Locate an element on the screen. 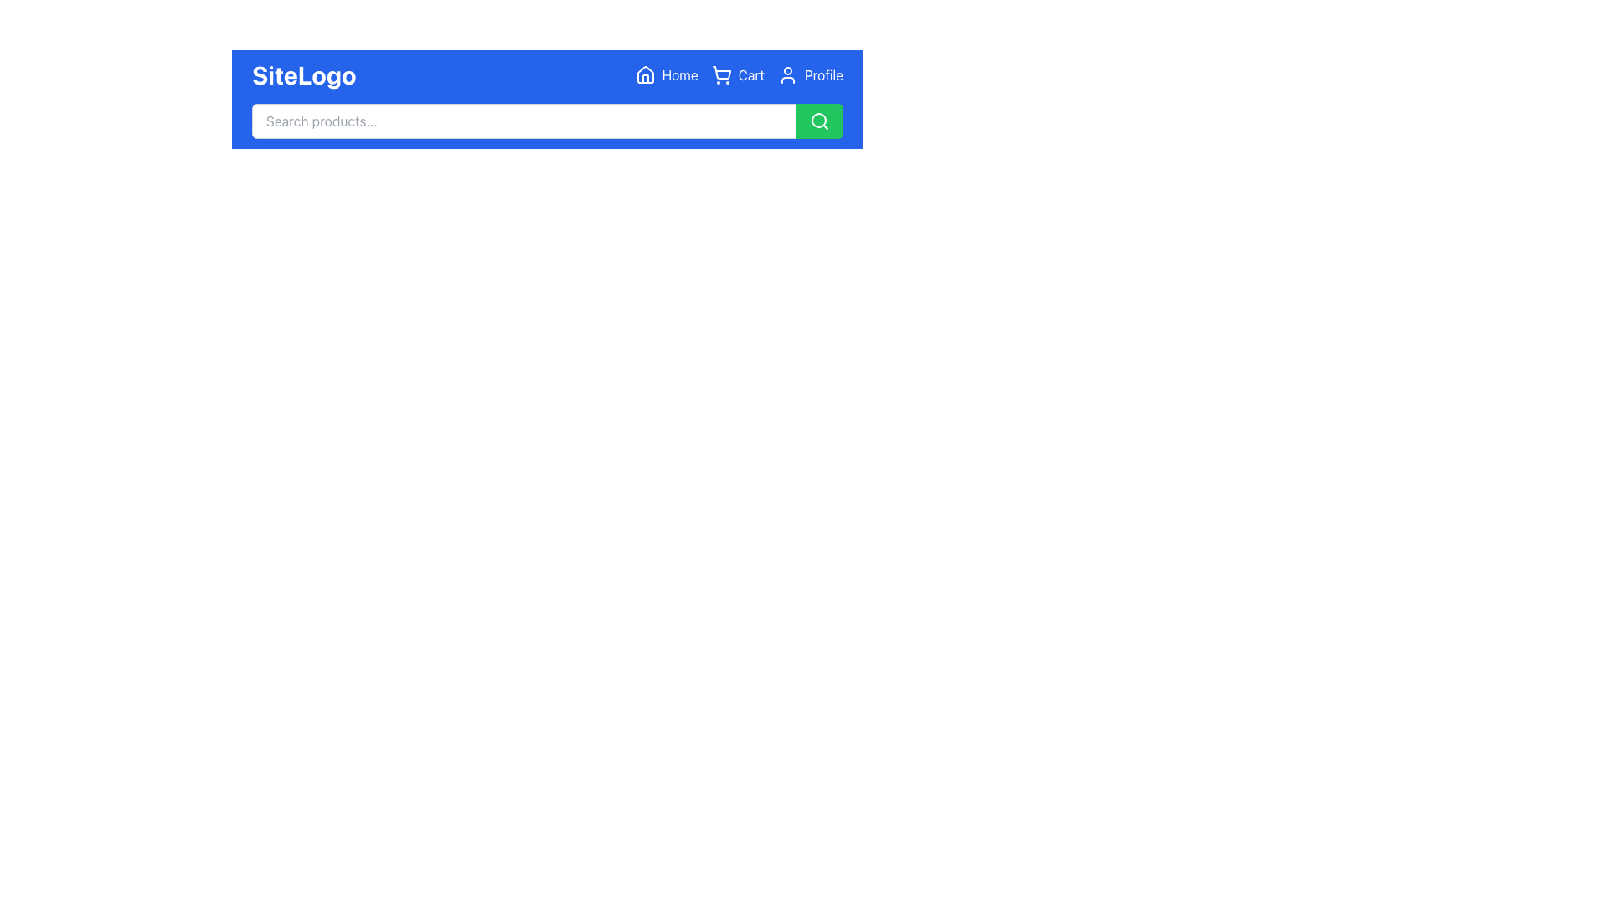 This screenshot has width=1608, height=904. the 'SiteLogo' text label, which is the first item on the left in the header section, displayed in bold, large white typography against a blue background is located at coordinates (304, 74).